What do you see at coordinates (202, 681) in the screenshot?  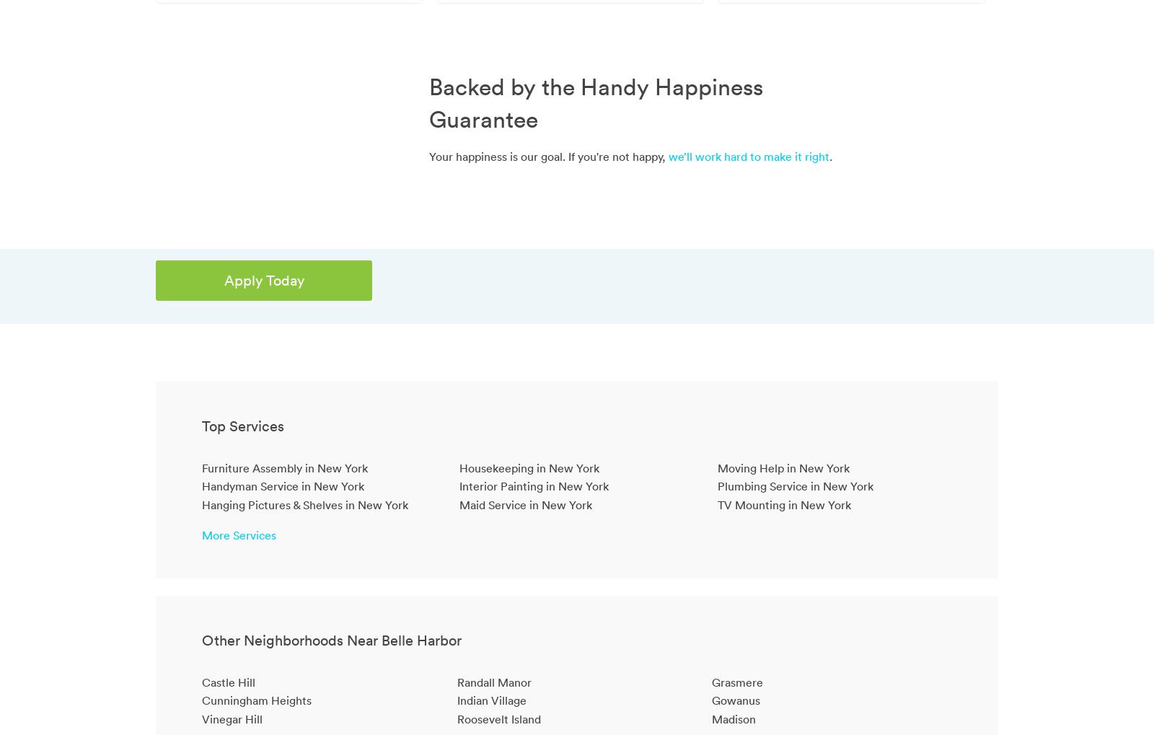 I see `'Castle Hill'` at bounding box center [202, 681].